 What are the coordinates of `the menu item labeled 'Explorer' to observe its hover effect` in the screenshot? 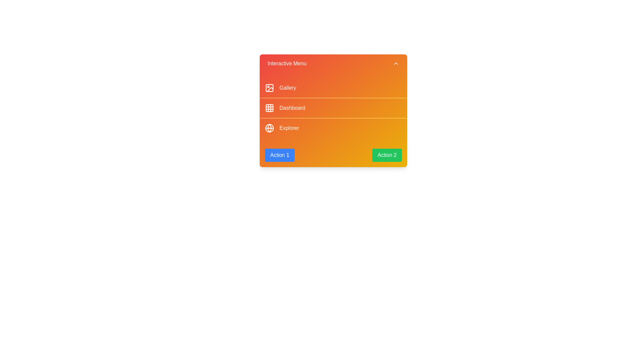 It's located at (333, 128).